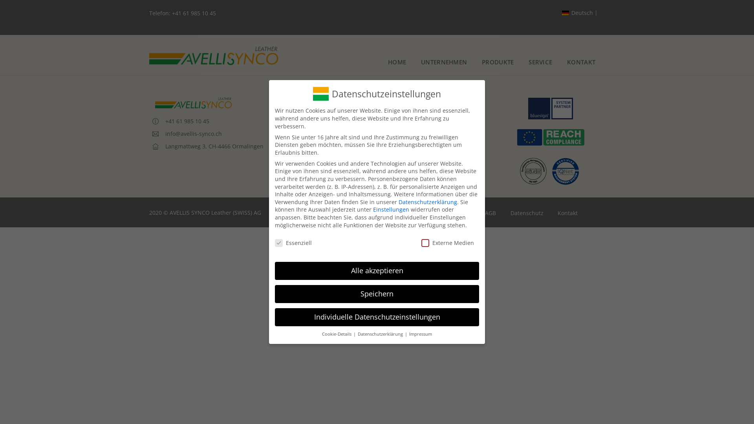 The image size is (754, 424). I want to click on 'SERVICE', so click(540, 62).